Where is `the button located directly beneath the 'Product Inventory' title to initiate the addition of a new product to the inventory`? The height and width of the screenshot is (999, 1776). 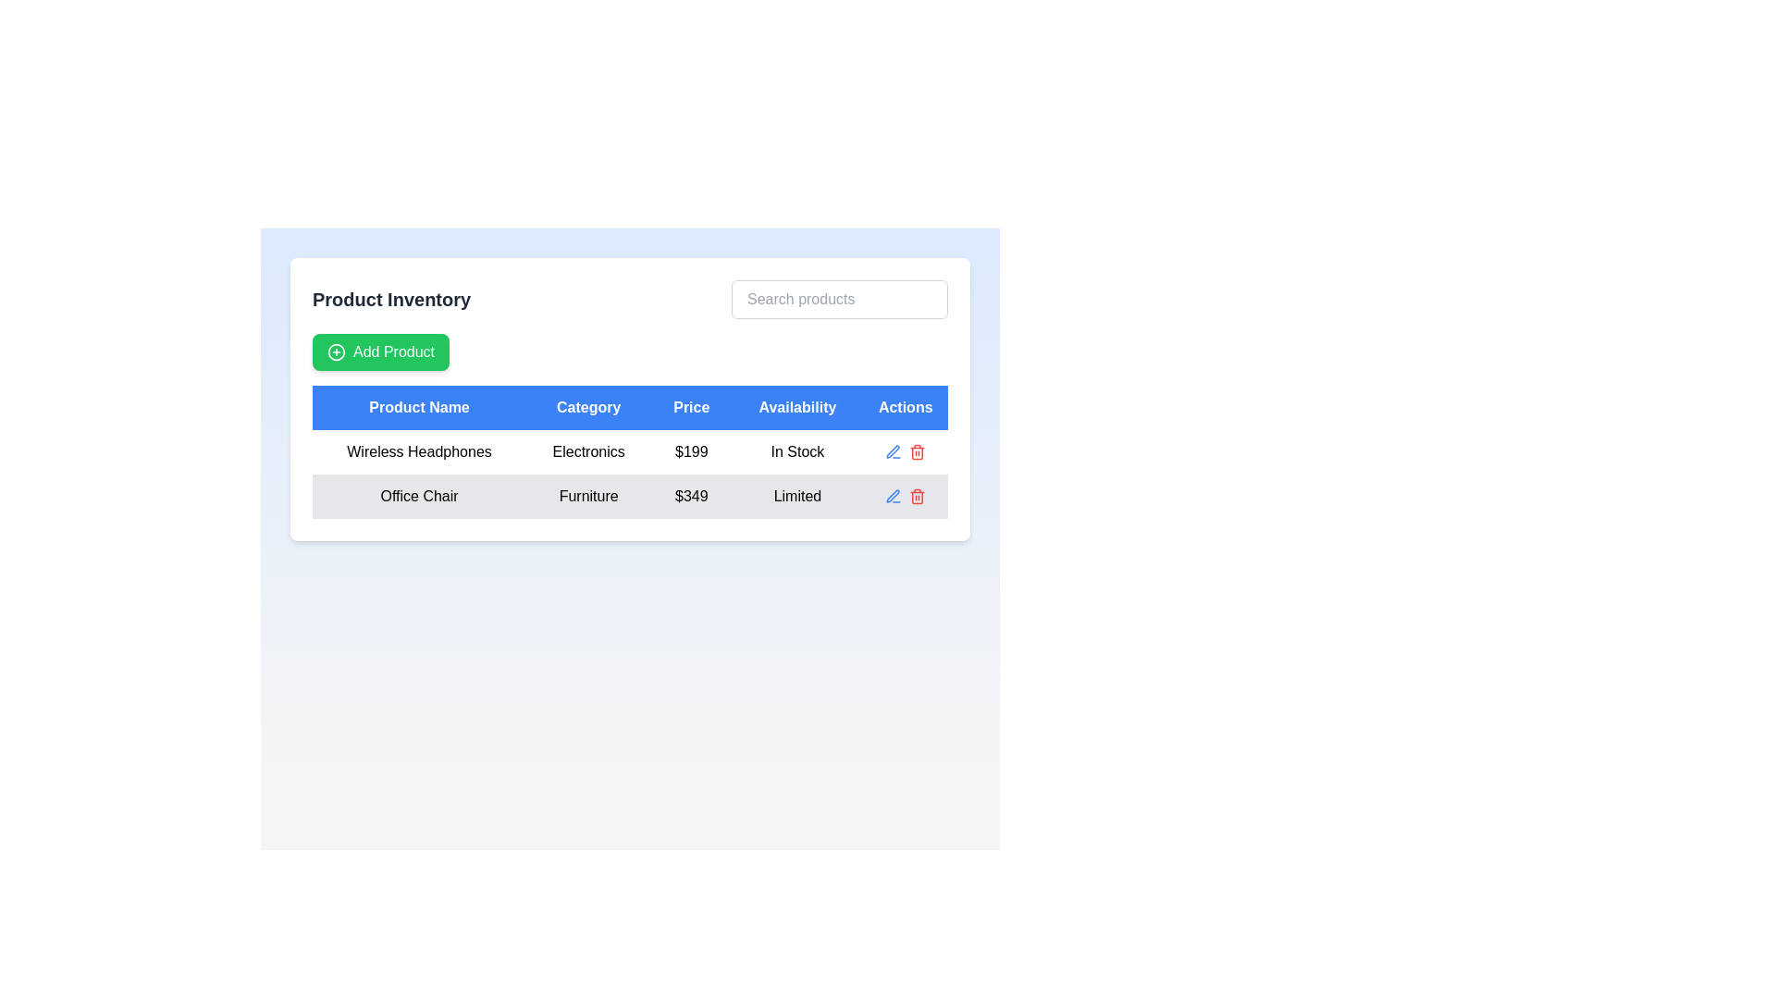
the button located directly beneath the 'Product Inventory' title to initiate the addition of a new product to the inventory is located at coordinates (380, 352).